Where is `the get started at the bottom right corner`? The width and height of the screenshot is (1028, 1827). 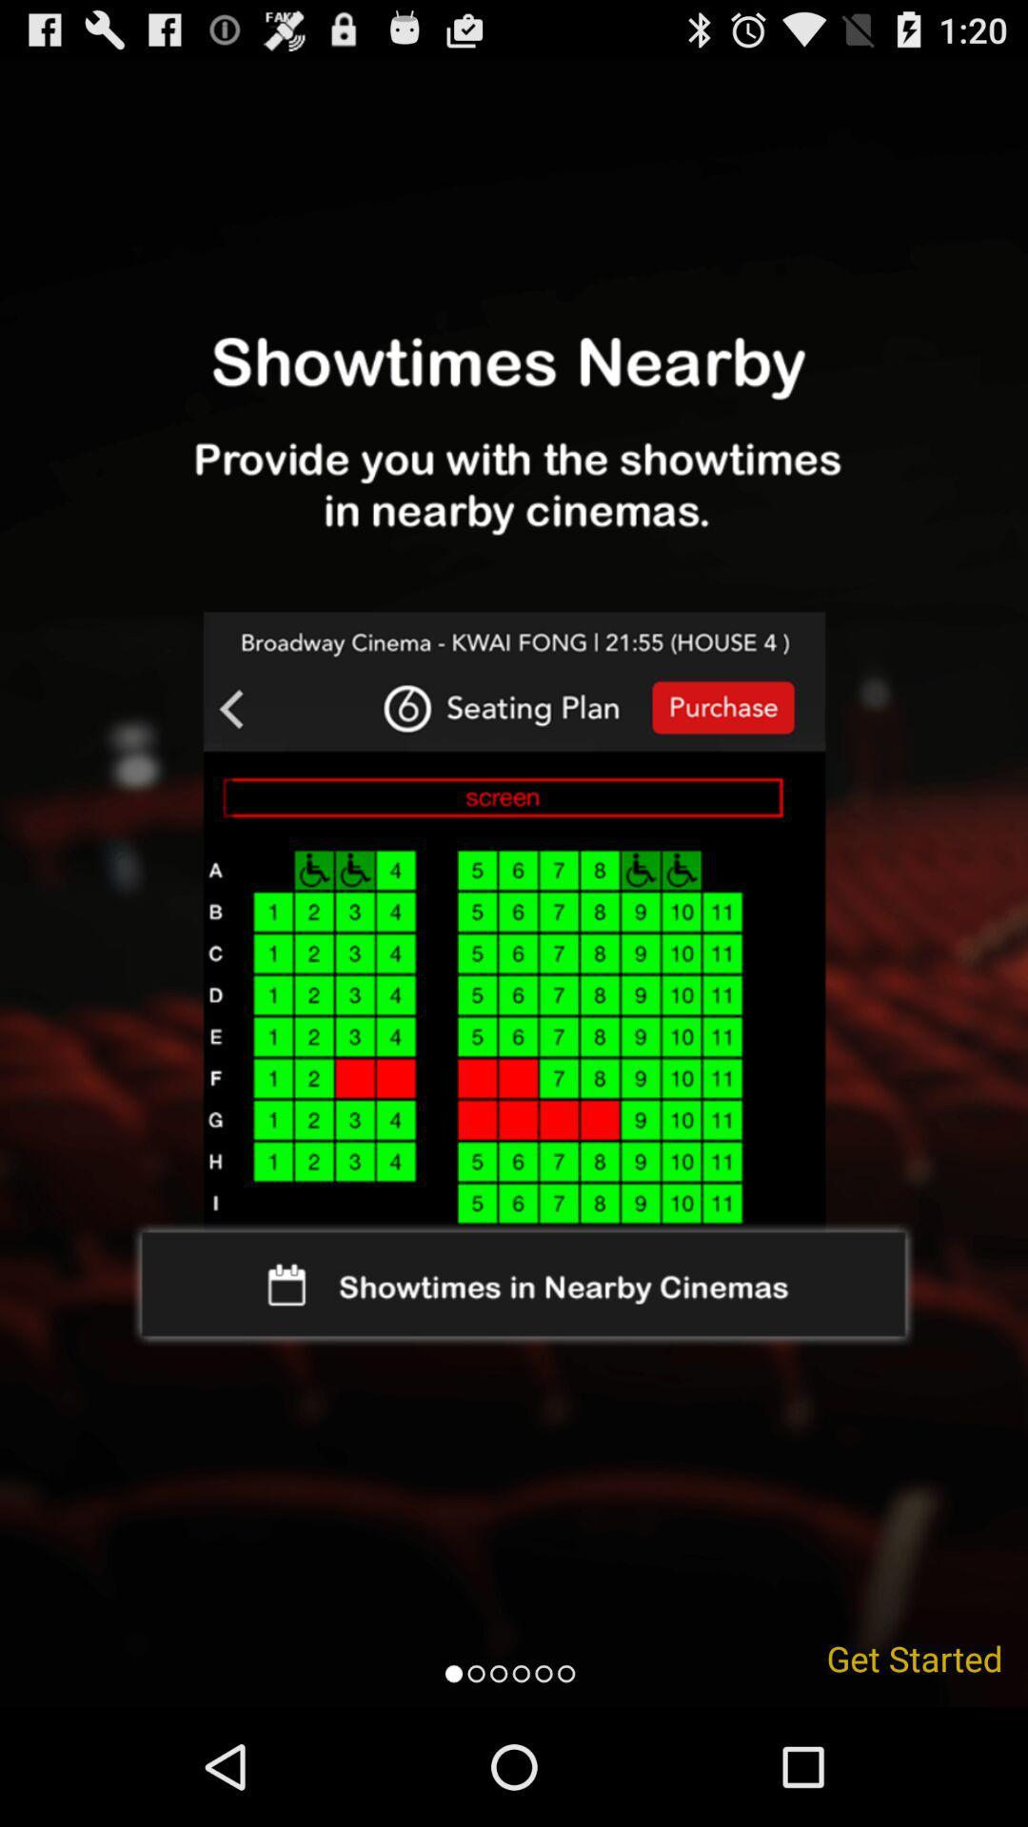 the get started at the bottom right corner is located at coordinates (914, 1657).